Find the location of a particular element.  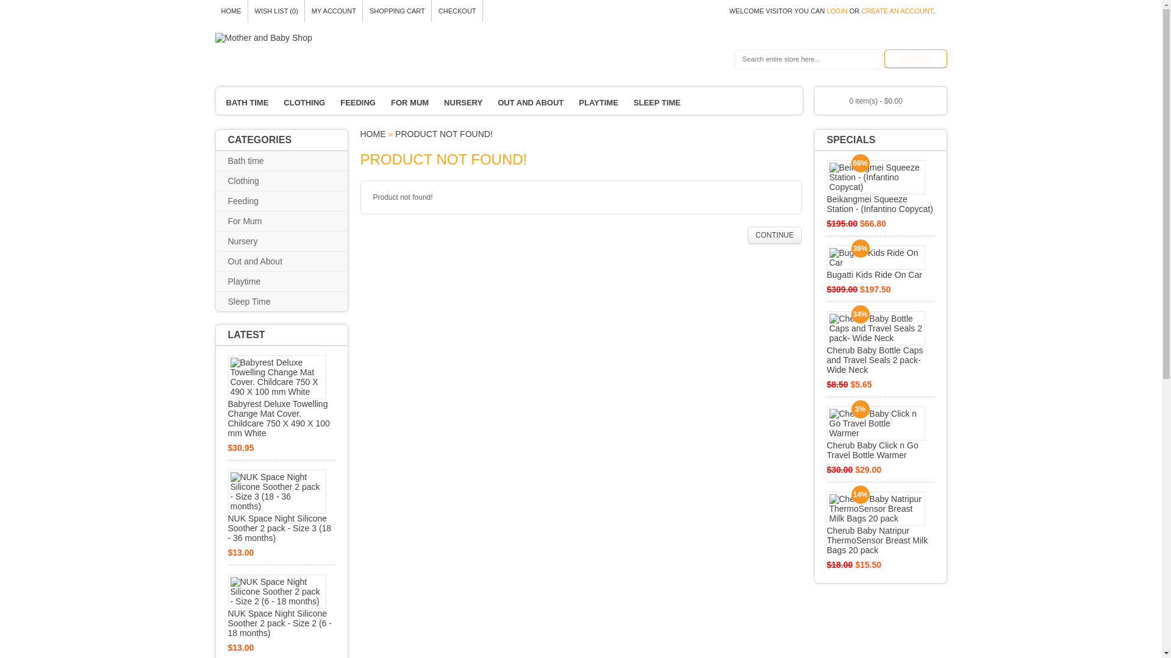

'Cherub Baby Click n Go Travel Bottle Warmer' is located at coordinates (881, 432).